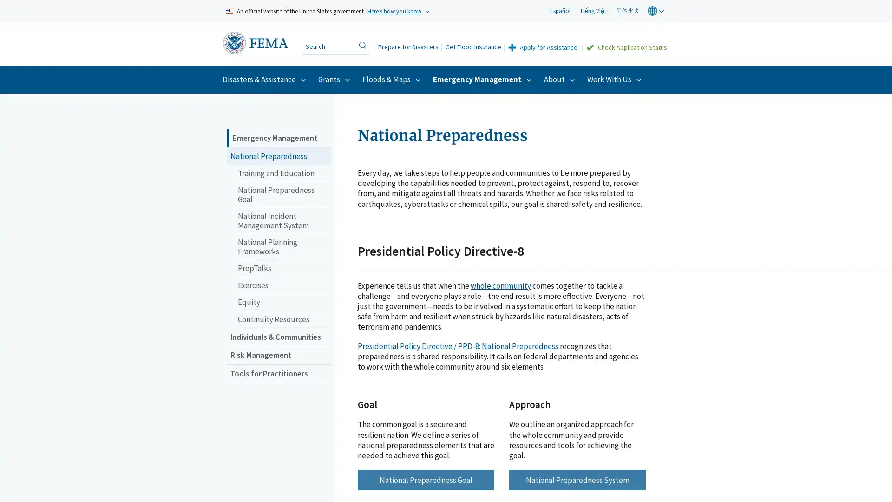 The image size is (892, 502). I want to click on world globe, so click(656, 11).